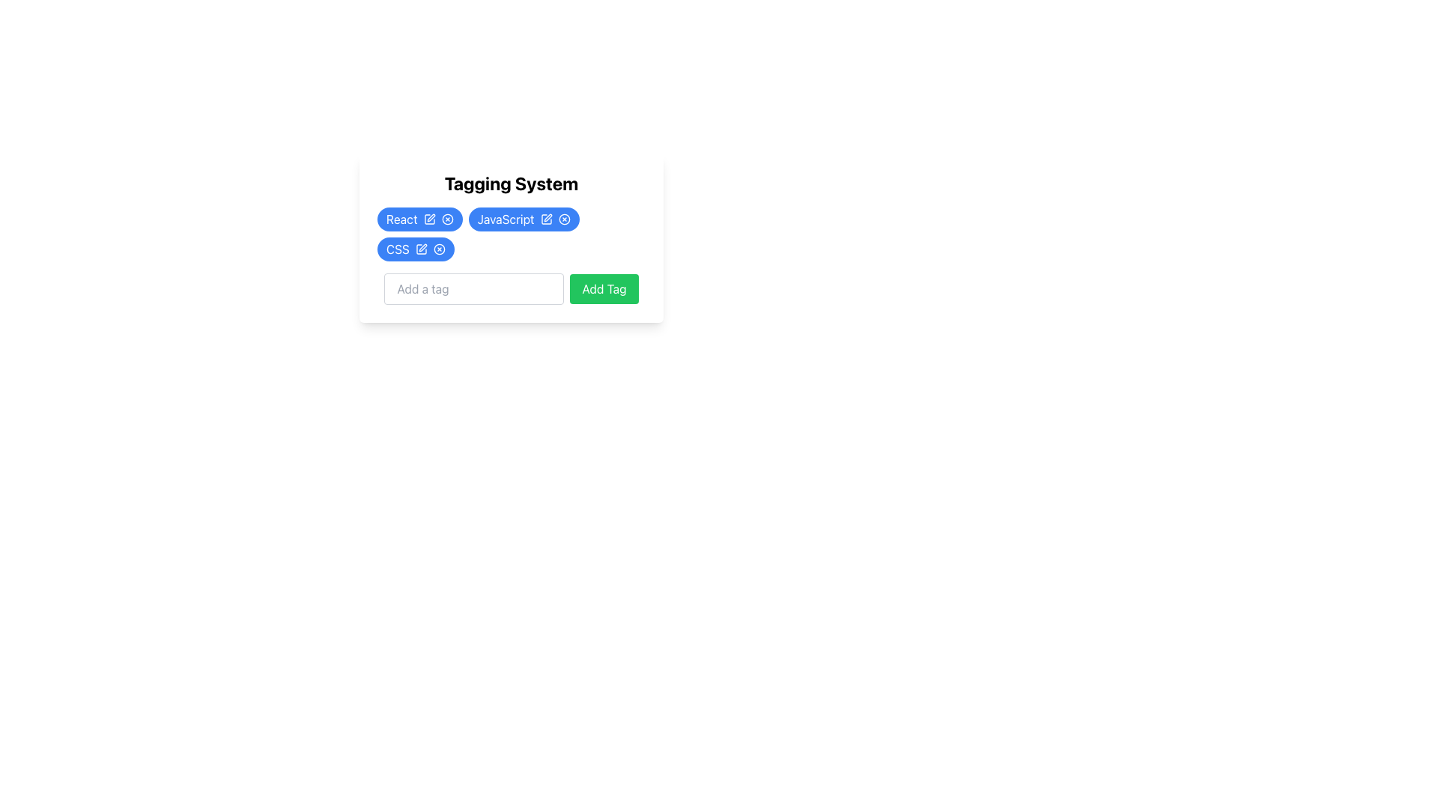 The image size is (1438, 809). Describe the element at coordinates (604, 288) in the screenshot. I see `the 'Add Tag' button located to the right of the input field in the 'Tagging System' card` at that location.